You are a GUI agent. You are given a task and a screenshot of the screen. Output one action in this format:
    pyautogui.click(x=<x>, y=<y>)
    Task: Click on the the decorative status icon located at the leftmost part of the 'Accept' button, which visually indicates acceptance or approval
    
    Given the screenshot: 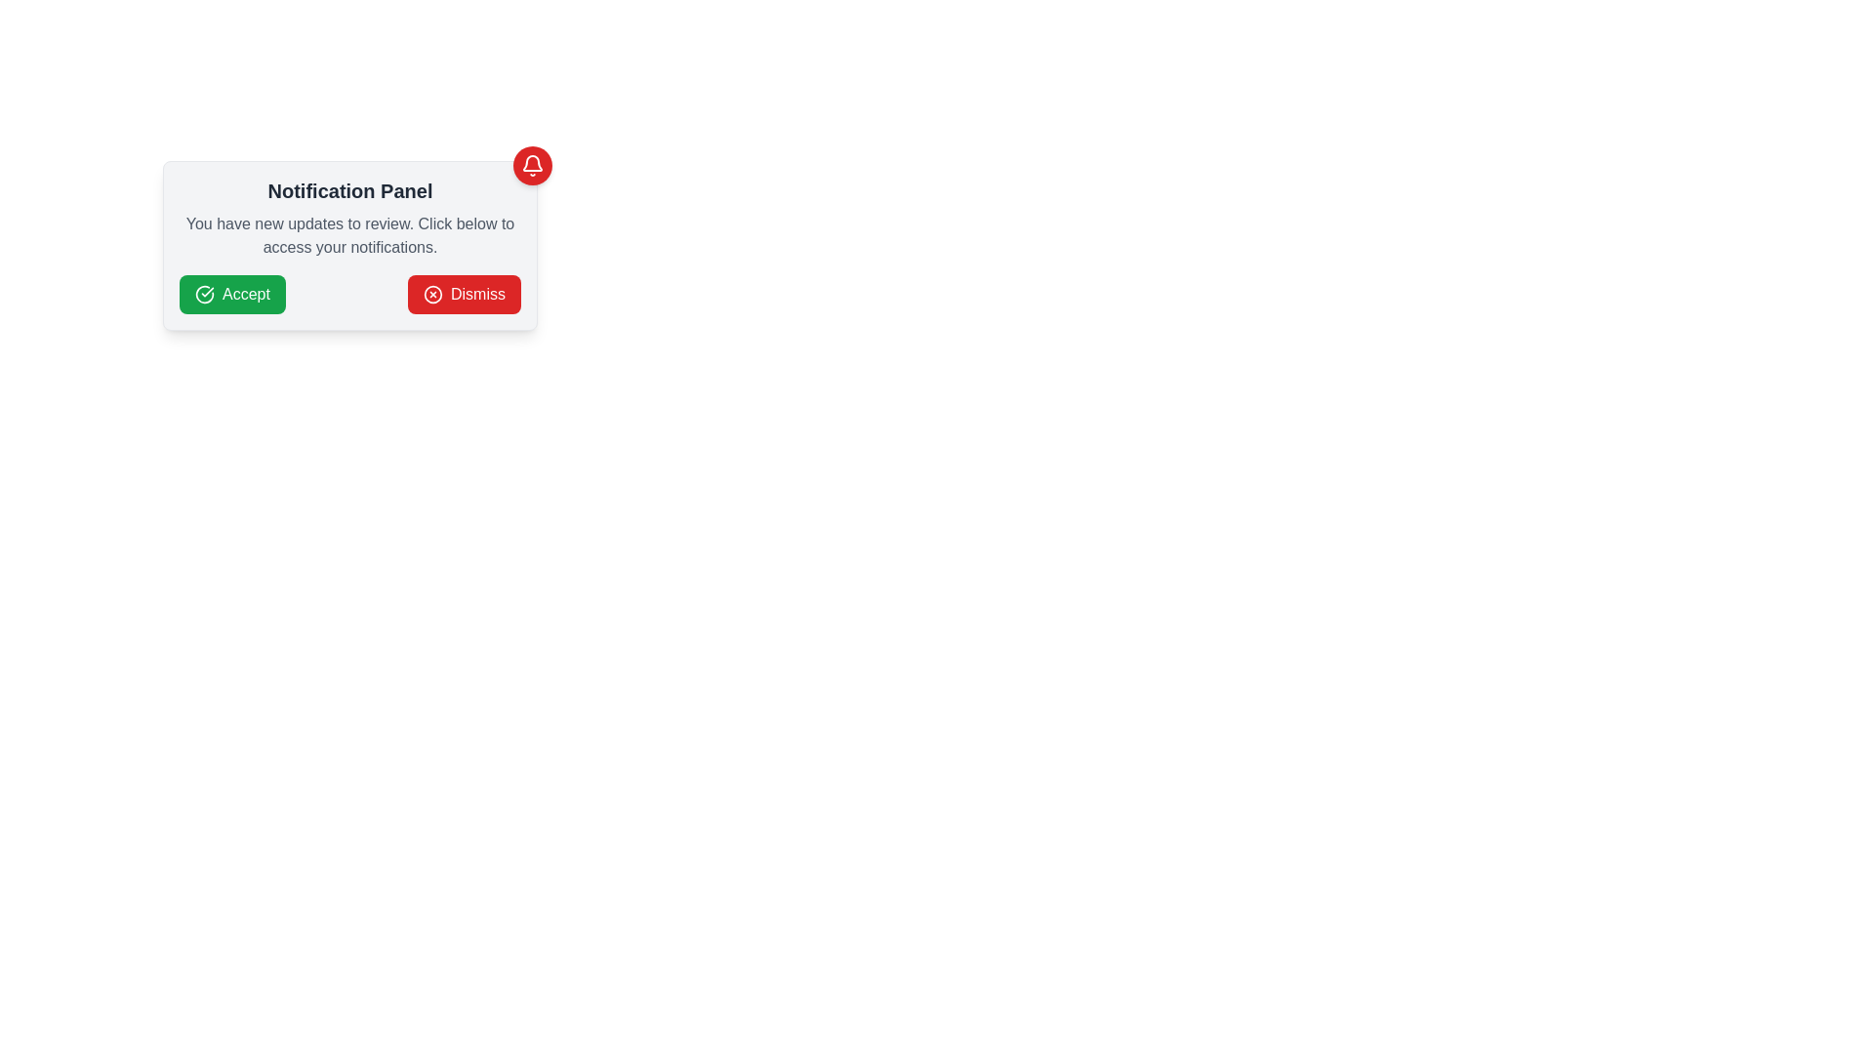 What is the action you would take?
    pyautogui.click(x=205, y=294)
    